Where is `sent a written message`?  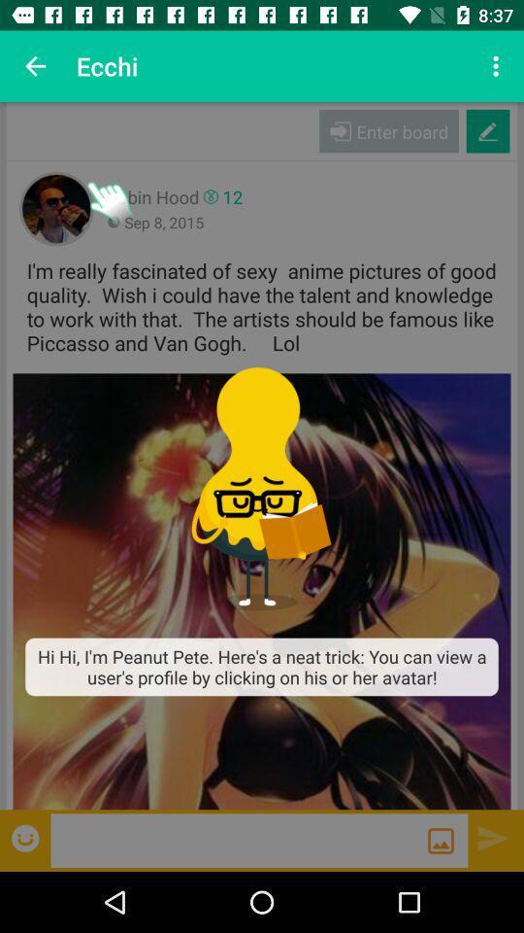
sent a written message is located at coordinates (493, 837).